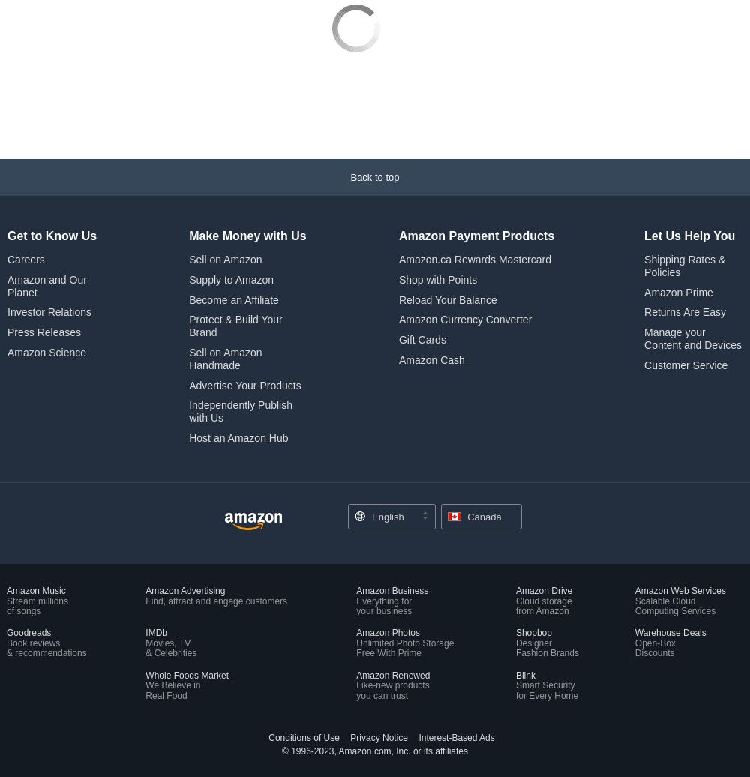 The width and height of the screenshot is (750, 777). I want to click on 'Amazon Currency Converter', so click(464, 219).